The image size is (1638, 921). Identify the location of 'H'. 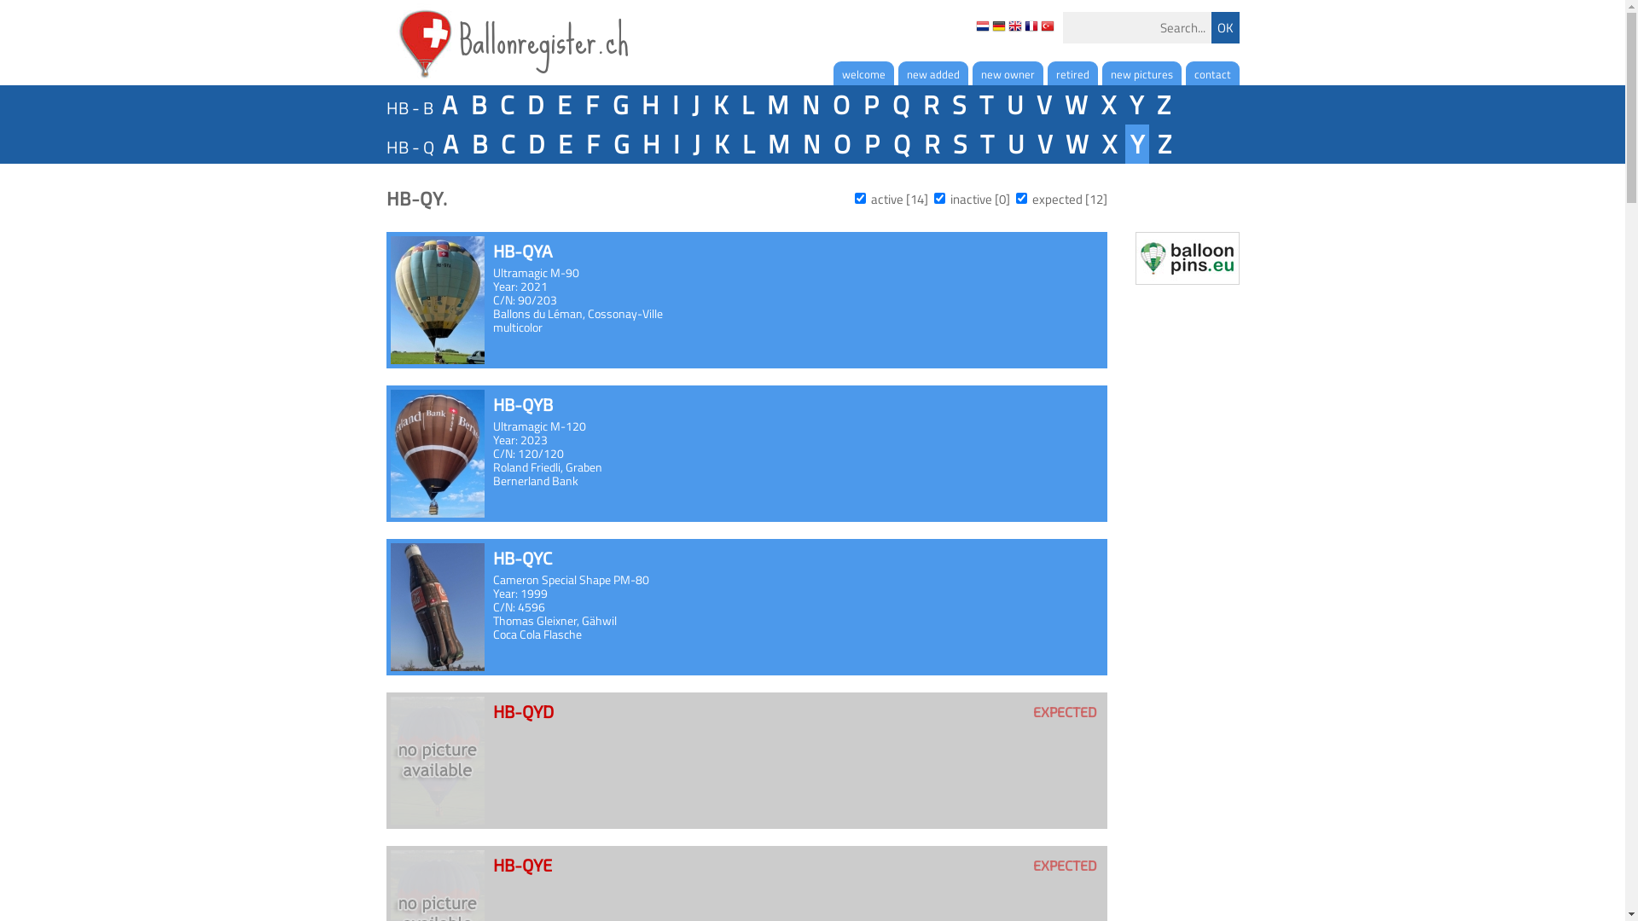
(649, 143).